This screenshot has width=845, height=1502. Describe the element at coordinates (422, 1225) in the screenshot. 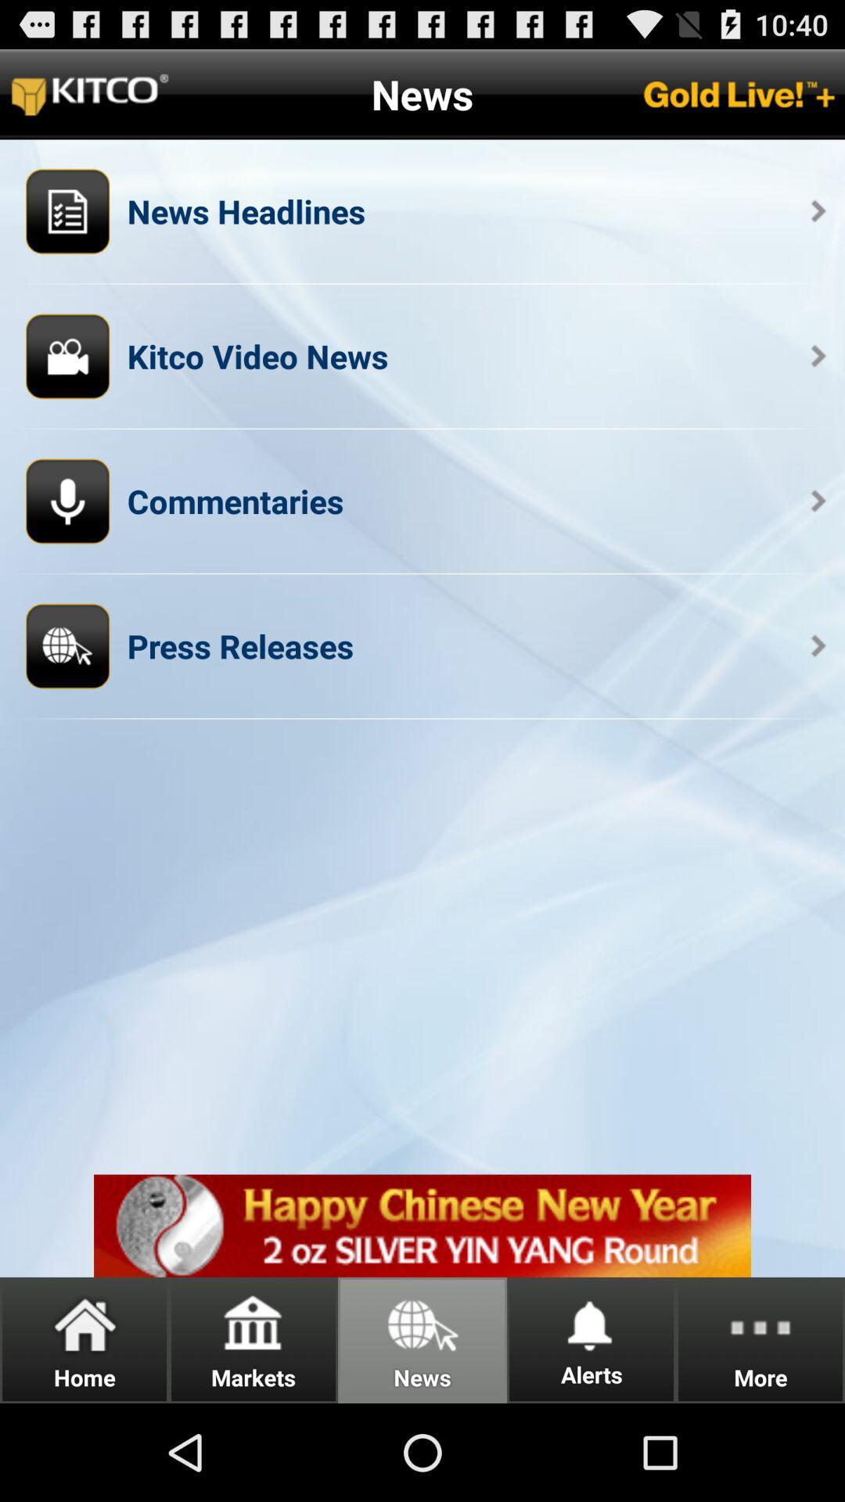

I see `advertisement` at that location.